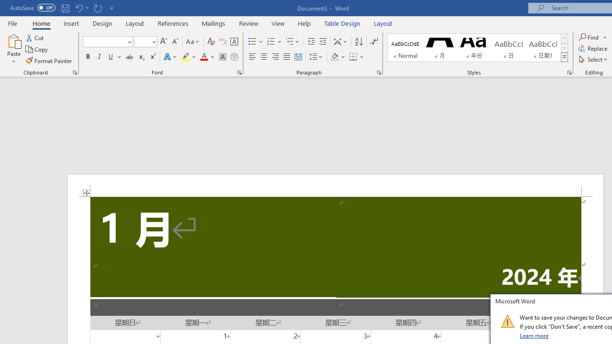  Describe the element at coordinates (78, 8) in the screenshot. I see `'Undo Apply Quick Style'` at that location.